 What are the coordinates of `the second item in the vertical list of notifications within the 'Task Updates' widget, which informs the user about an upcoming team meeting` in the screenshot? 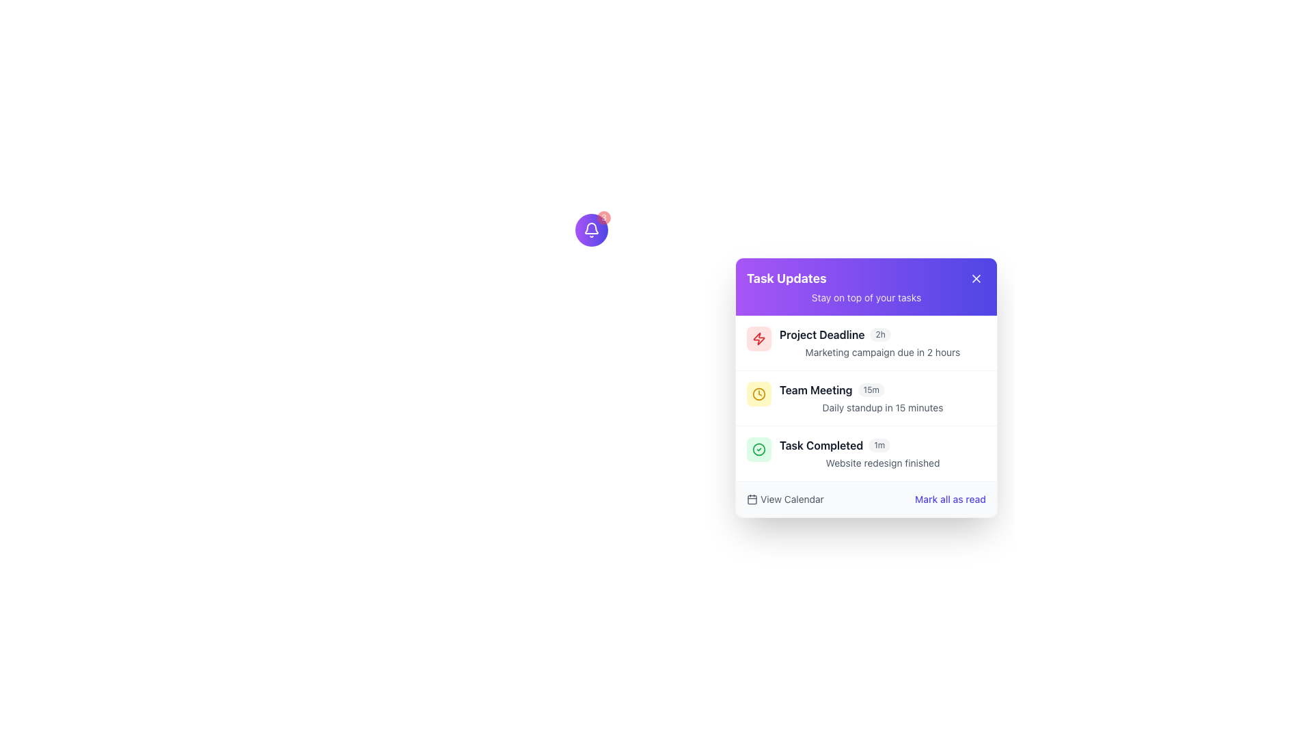 It's located at (865, 398).